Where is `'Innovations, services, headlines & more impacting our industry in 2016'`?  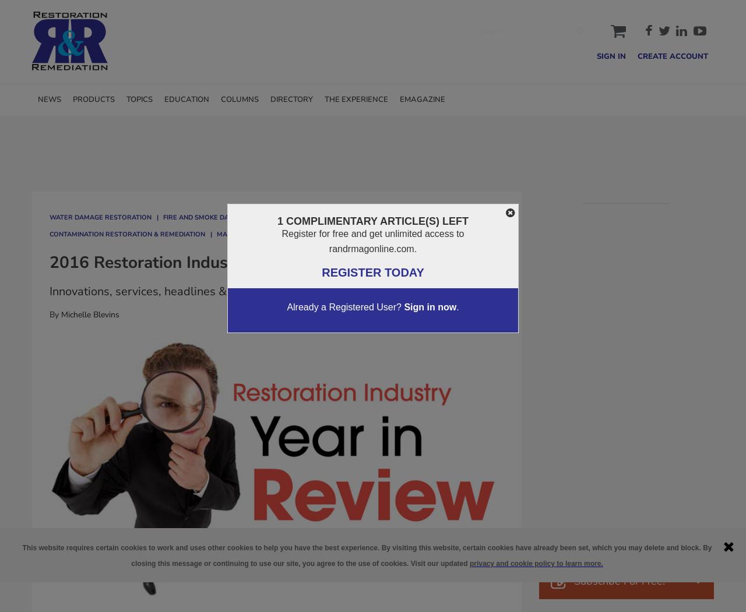
'Innovations, services, headlines & more impacting our industry in 2016' is located at coordinates (234, 291).